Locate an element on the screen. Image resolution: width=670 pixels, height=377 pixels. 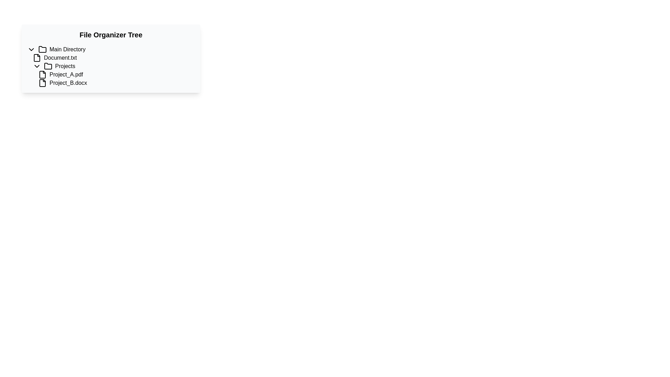
the folder icon that represents a directory in the file management interface, located to the left of the text label 'Main Directory' is located at coordinates (42, 49).